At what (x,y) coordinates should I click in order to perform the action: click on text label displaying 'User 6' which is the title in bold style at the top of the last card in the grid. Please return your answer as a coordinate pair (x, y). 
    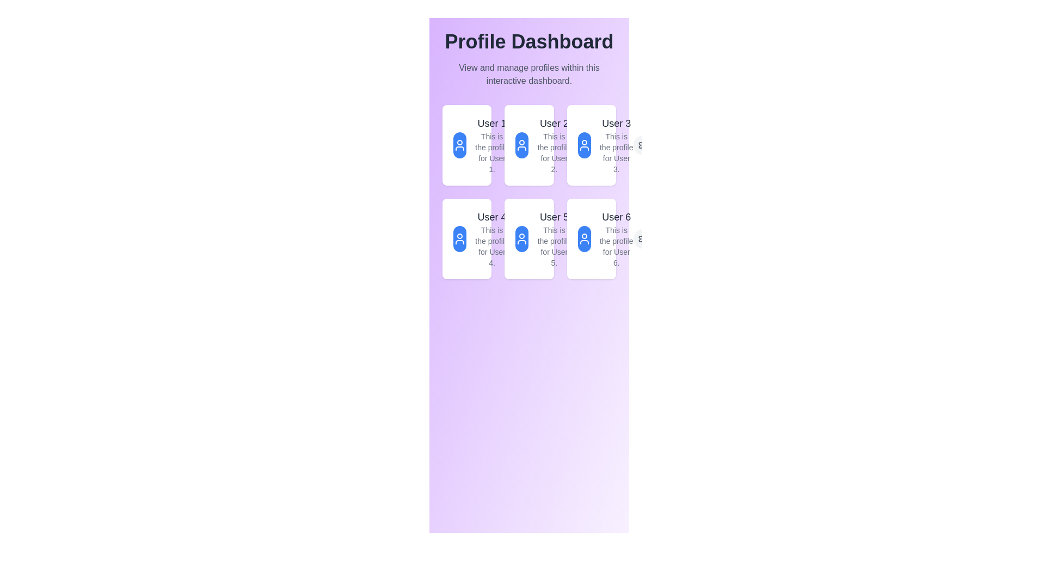
    Looking at the image, I should click on (616, 217).